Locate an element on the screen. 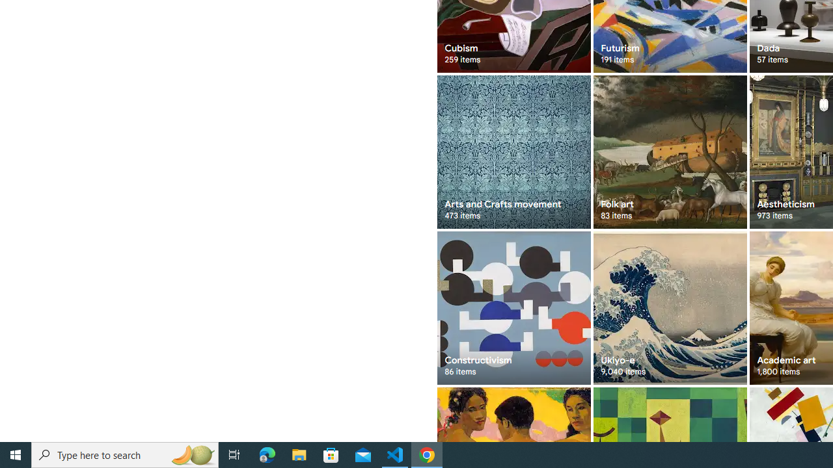  'Constructivism 86 items' is located at coordinates (513, 307).